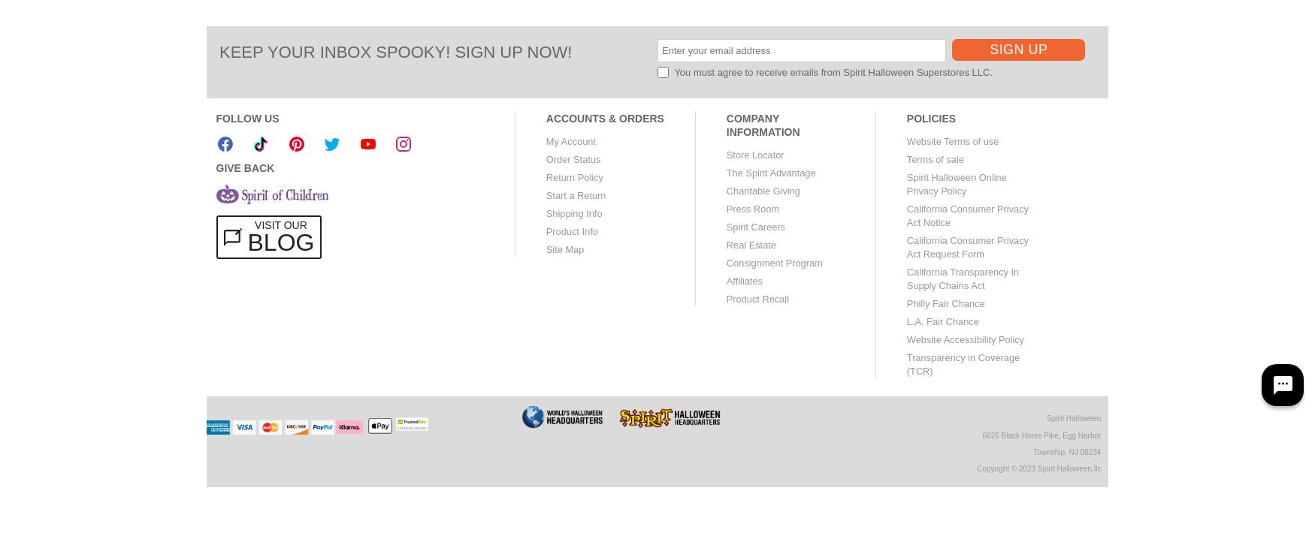 The image size is (1315, 542). Describe the element at coordinates (743, 281) in the screenshot. I see `'Affiliates'` at that location.